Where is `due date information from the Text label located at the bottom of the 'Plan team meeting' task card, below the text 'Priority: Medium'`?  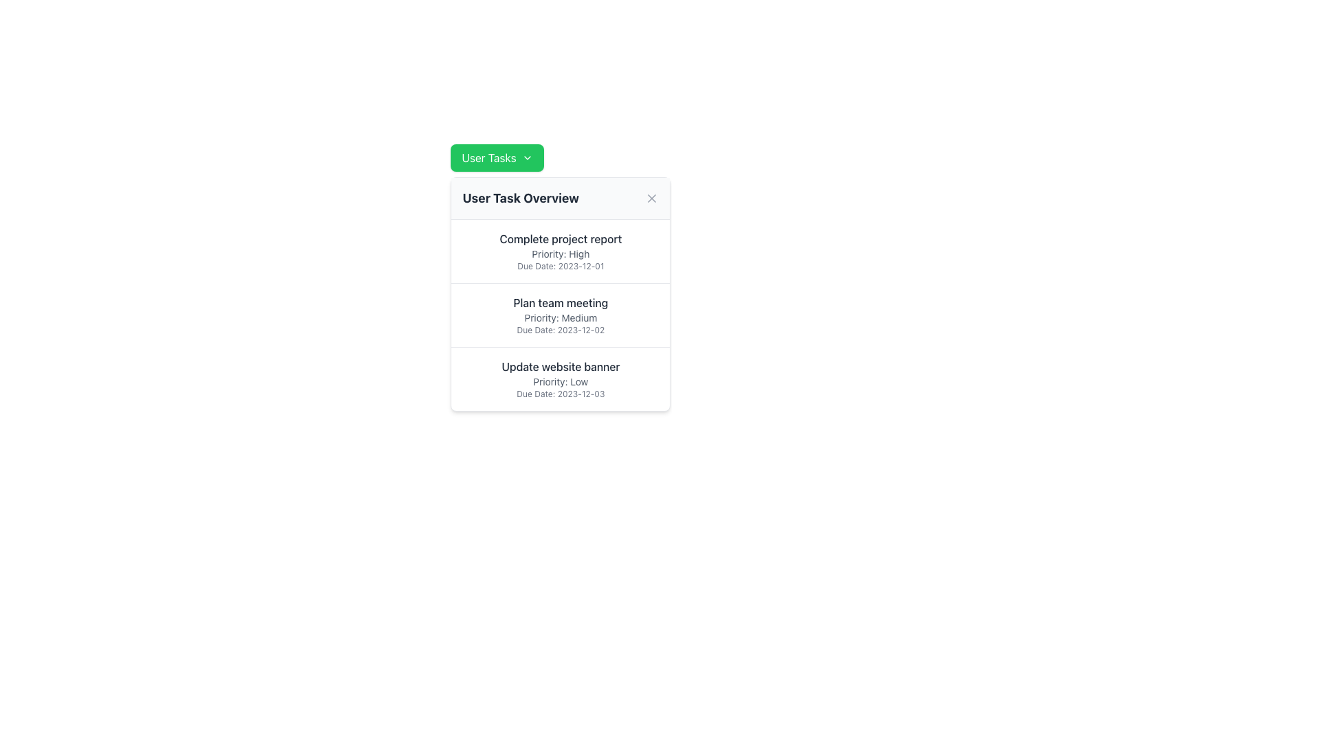 due date information from the Text label located at the bottom of the 'Plan team meeting' task card, below the text 'Priority: Medium' is located at coordinates (561, 330).